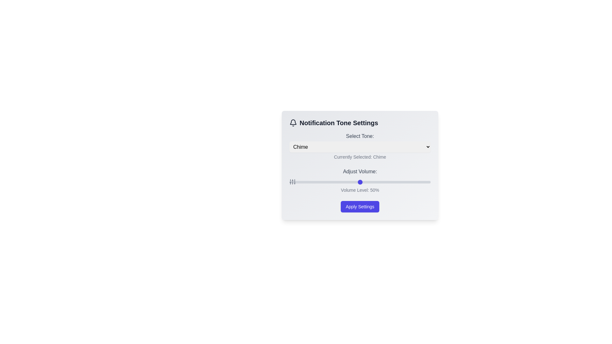  What do you see at coordinates (293, 123) in the screenshot?
I see `the bell icon that indicates 'notifications', located to the left of the 'Notification Tone Settings' title` at bounding box center [293, 123].